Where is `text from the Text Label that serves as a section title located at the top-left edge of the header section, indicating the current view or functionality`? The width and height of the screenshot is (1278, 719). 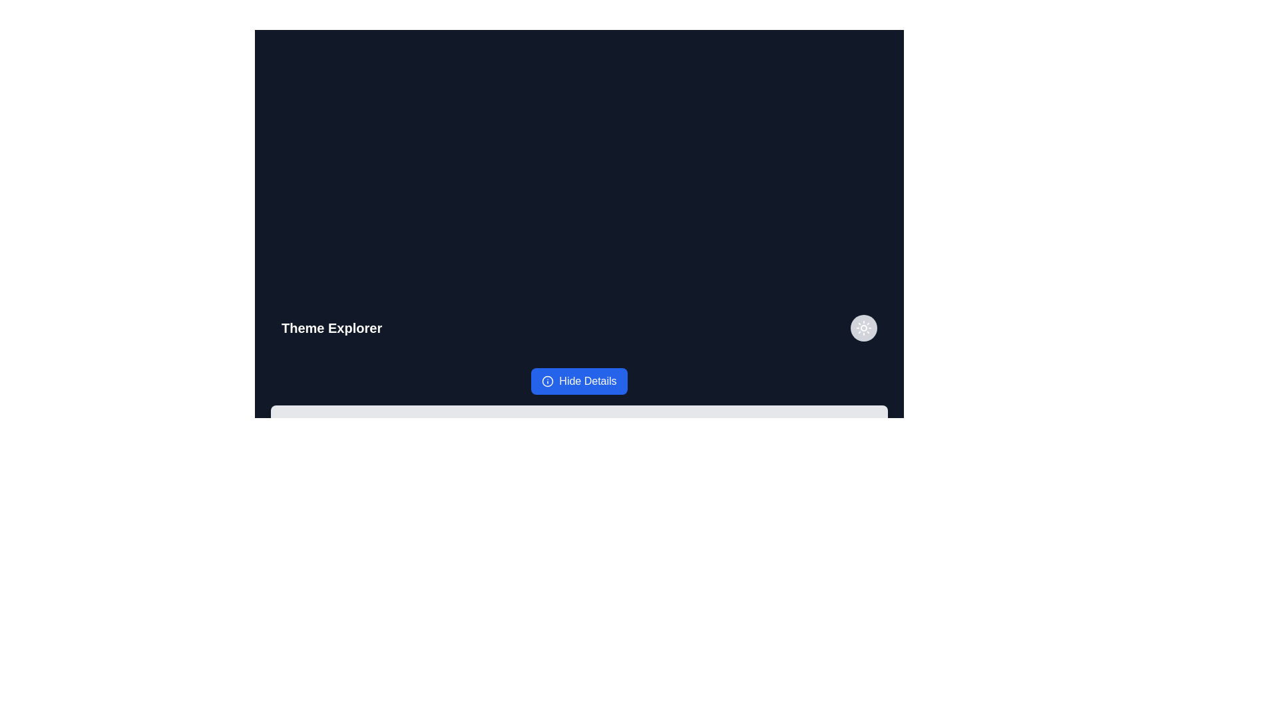 text from the Text Label that serves as a section title located at the top-left edge of the header section, indicating the current view or functionality is located at coordinates (331, 328).